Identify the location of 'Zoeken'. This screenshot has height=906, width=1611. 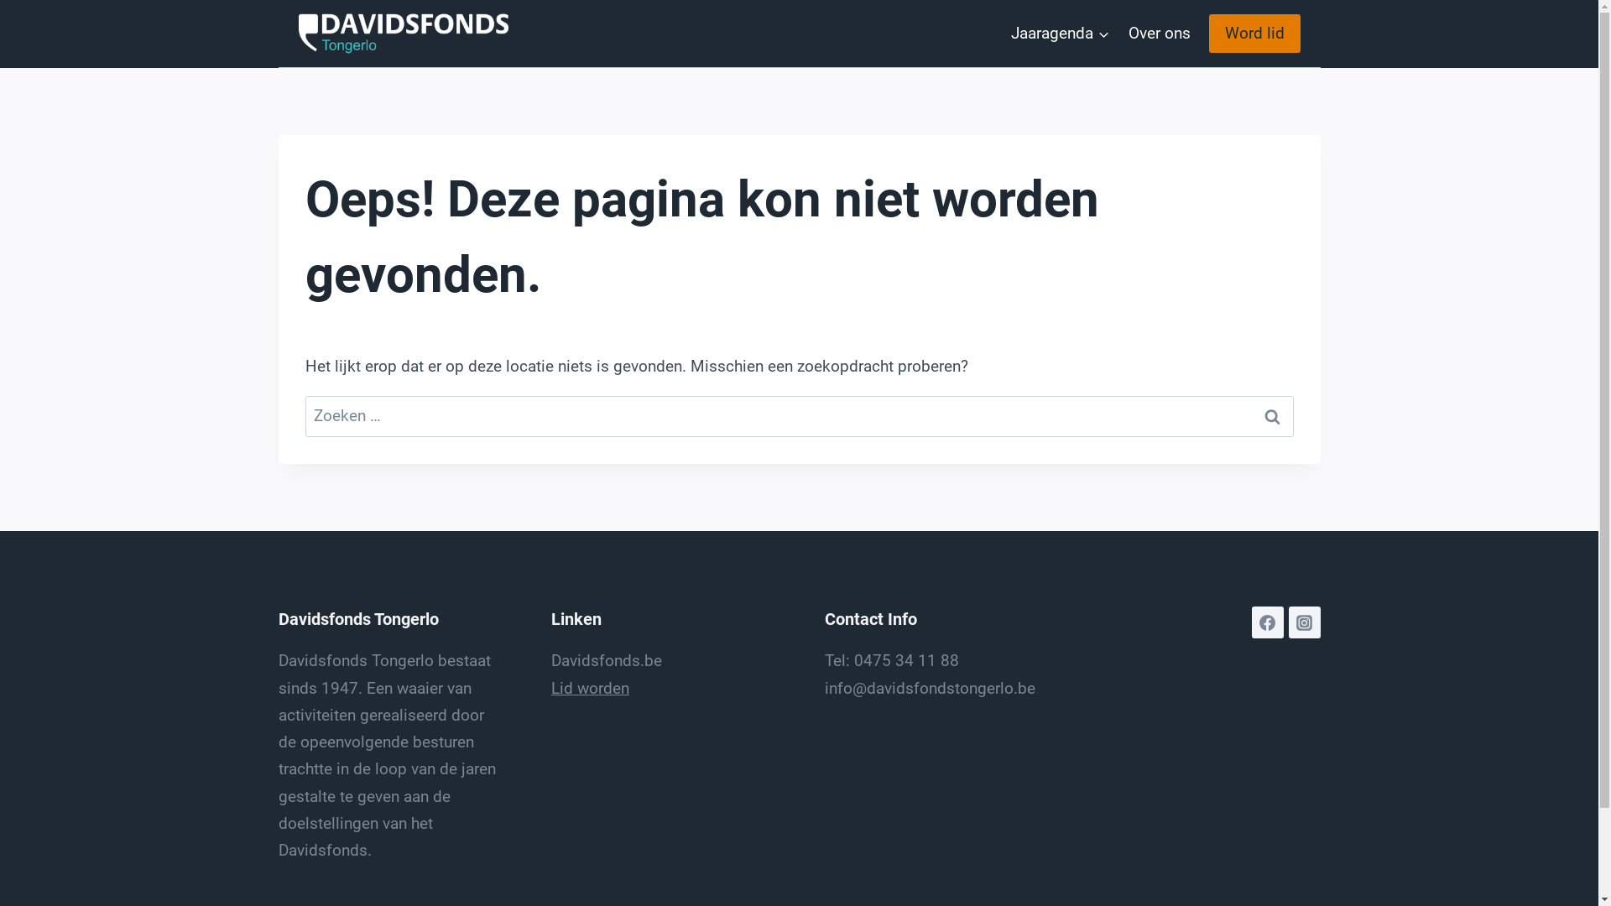
(1272, 415).